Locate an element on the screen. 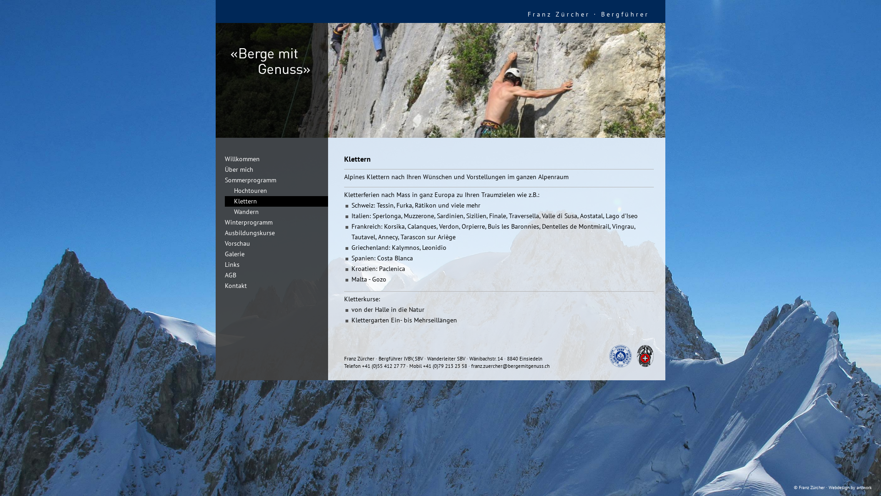 This screenshot has width=881, height=496. 'Vorschau' is located at coordinates (233, 242).